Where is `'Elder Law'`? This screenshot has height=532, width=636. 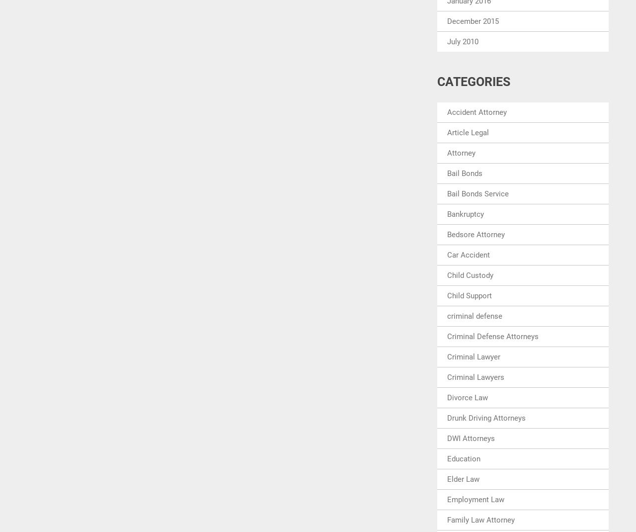 'Elder Law' is located at coordinates (463, 478).